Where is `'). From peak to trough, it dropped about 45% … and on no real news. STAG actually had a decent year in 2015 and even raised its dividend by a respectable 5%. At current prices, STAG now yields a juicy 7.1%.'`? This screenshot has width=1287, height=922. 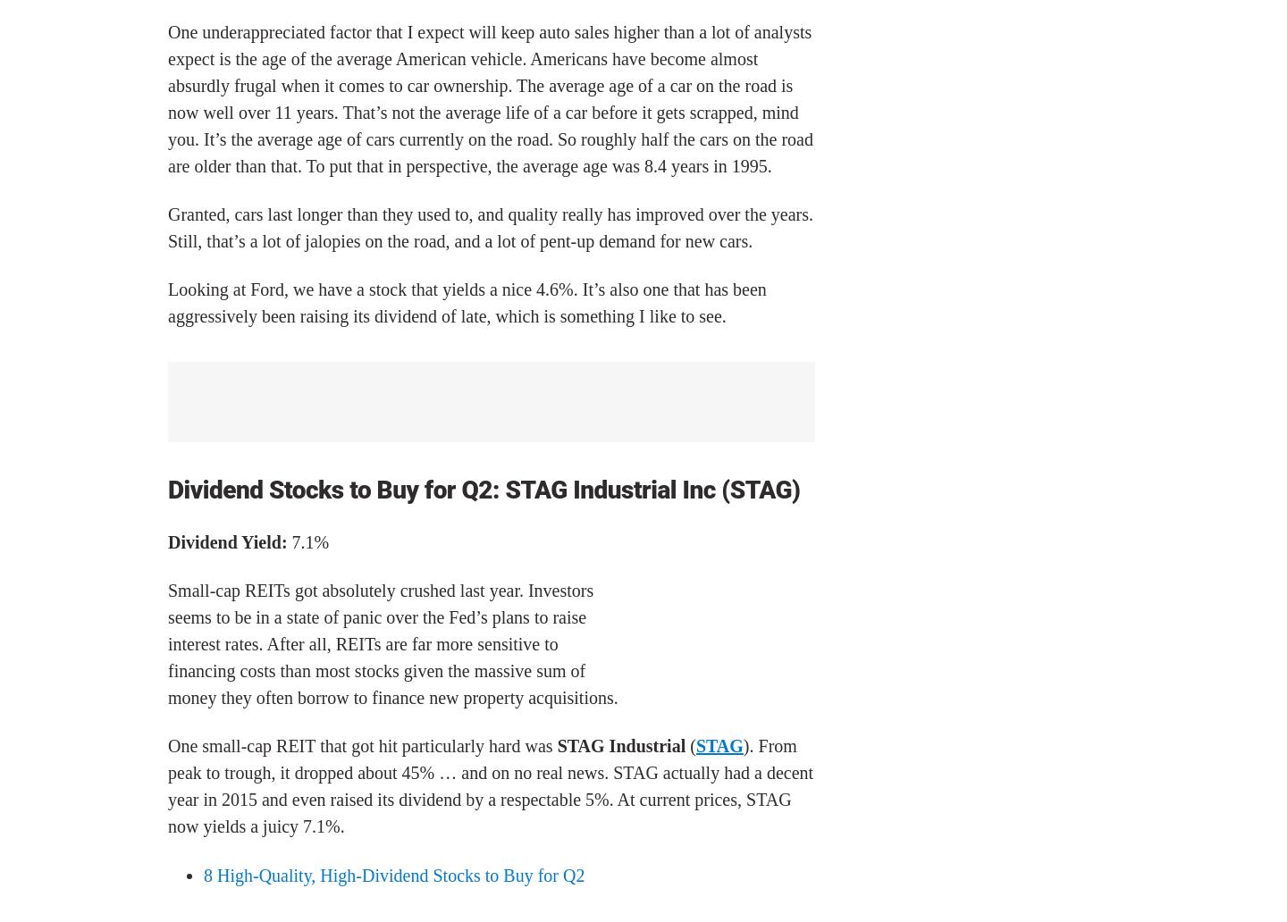
'). From peak to trough, it dropped about 45% … and on no real news. STAG actually had a decent year in 2015 and even raised its dividend by a respectable 5%. At current prices, STAG now yields a juicy 7.1%.' is located at coordinates (490, 784).